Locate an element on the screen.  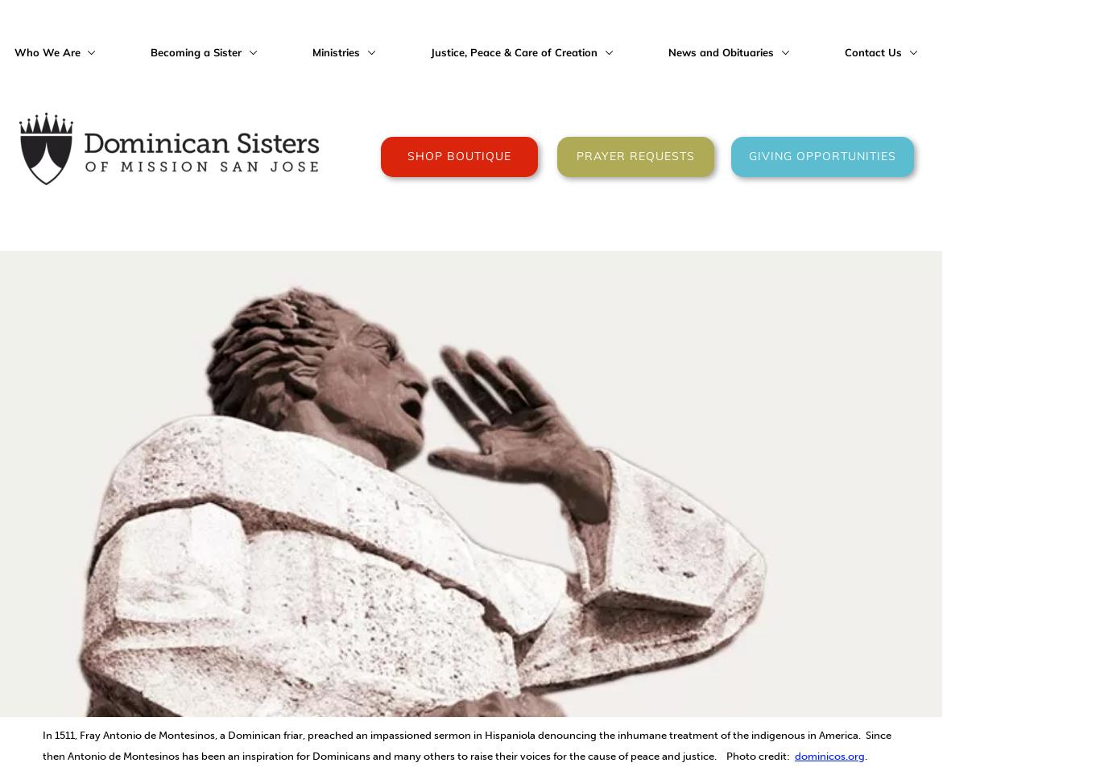
'SHOP BOUTIQUE' is located at coordinates (458, 155).